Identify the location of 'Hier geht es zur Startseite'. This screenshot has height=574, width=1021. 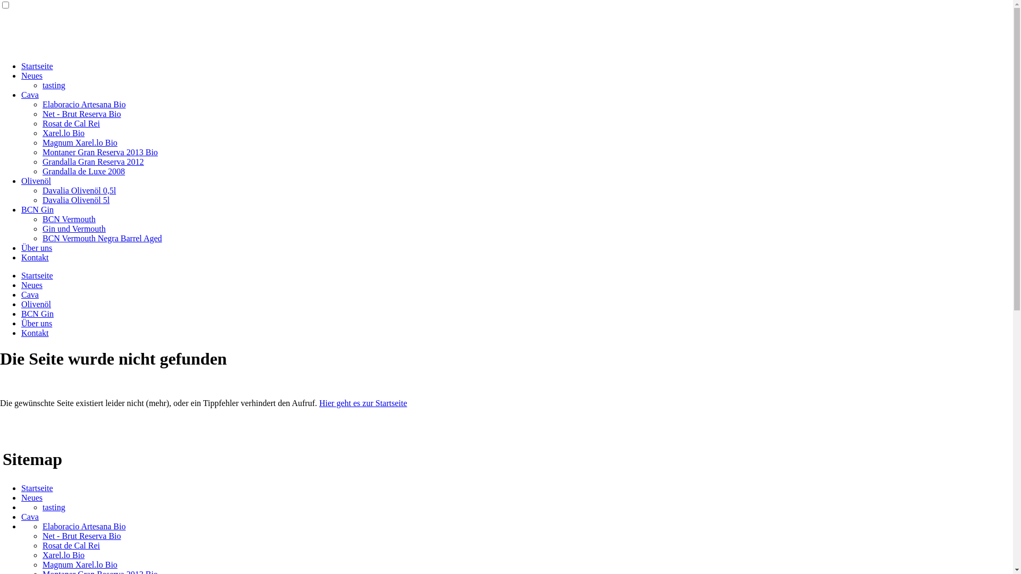
(363, 403).